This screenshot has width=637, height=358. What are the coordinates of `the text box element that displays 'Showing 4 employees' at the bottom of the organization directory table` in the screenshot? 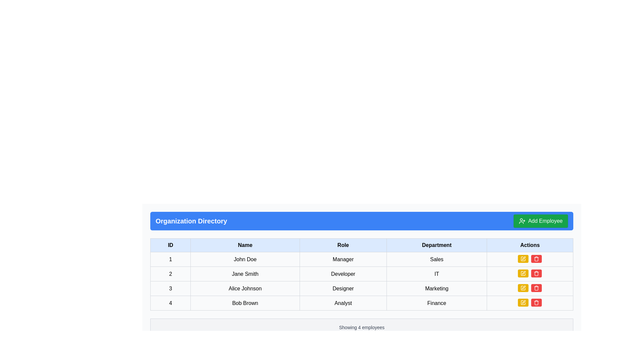 It's located at (361, 327).